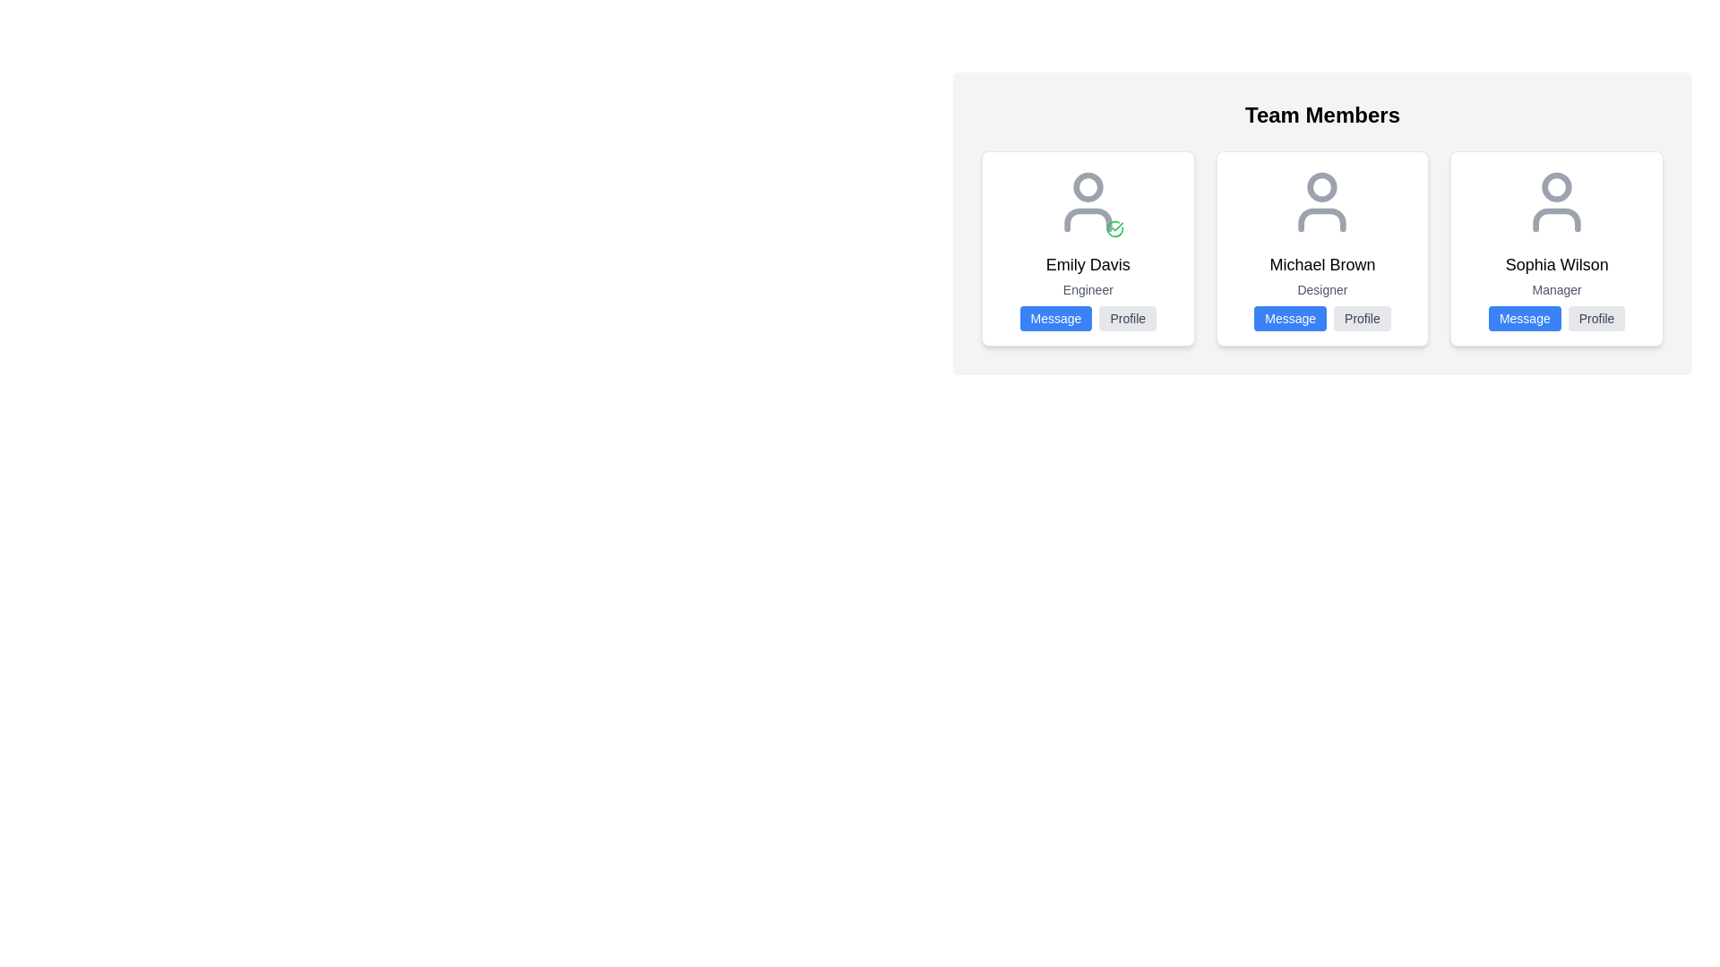  I want to click on the SVG Shape representing the body or base of the user avatar, located under the circular portion of the avatar icon in the middle card of the three displayed under 'Team Members.', so click(1322, 219).